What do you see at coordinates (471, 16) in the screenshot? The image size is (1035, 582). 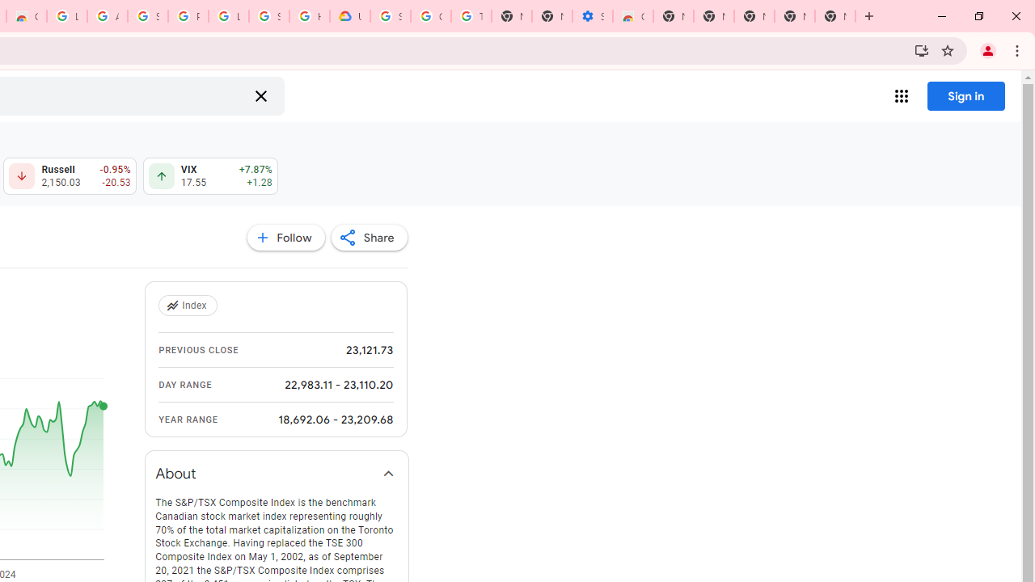 I see `'Turn cookies on or off - Computer - Google Account Help'` at bounding box center [471, 16].